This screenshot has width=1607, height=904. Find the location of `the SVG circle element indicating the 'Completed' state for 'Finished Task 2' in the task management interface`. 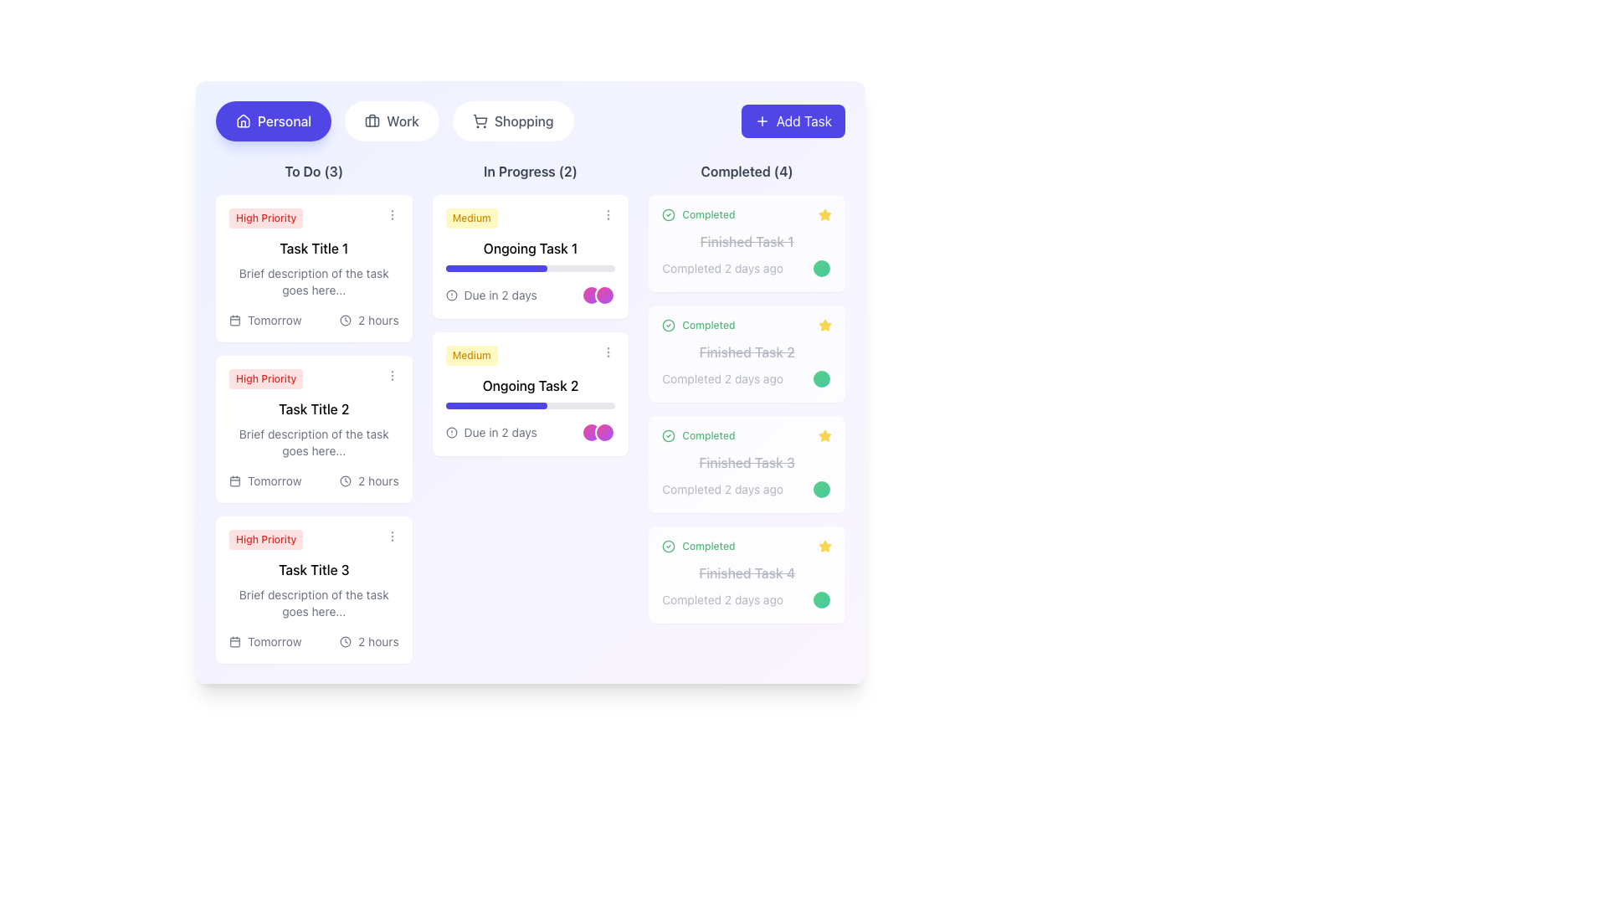

the SVG circle element indicating the 'Completed' state for 'Finished Task 2' in the task management interface is located at coordinates (668, 434).